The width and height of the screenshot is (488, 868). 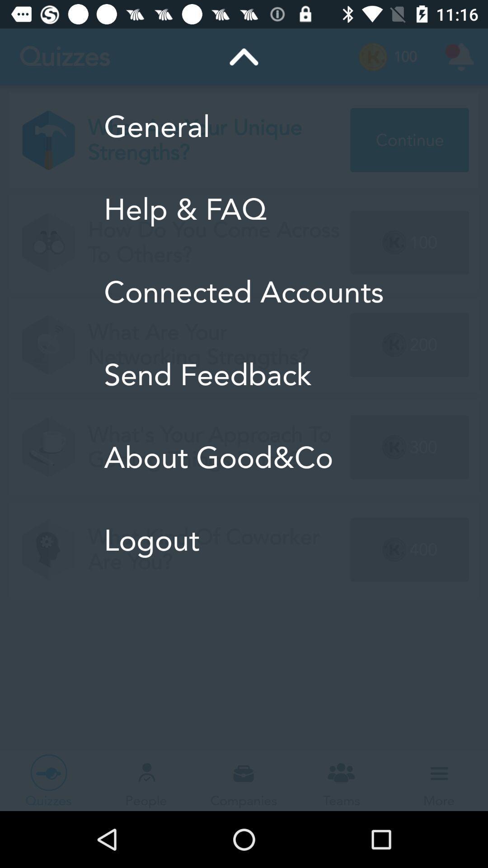 What do you see at coordinates (243, 126) in the screenshot?
I see `icon above help & faq item` at bounding box center [243, 126].